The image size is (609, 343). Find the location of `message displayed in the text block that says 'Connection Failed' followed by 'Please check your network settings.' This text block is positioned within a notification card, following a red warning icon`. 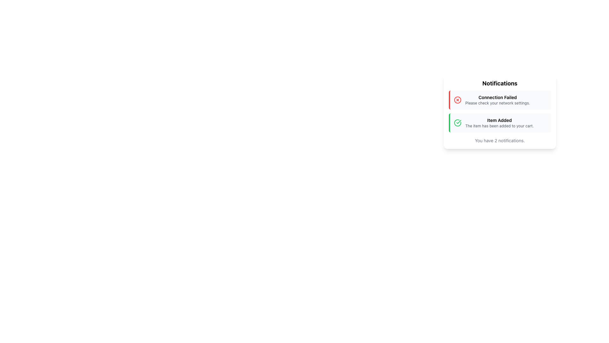

message displayed in the text block that says 'Connection Failed' followed by 'Please check your network settings.' This text block is positioned within a notification card, following a red warning icon is located at coordinates (497, 100).